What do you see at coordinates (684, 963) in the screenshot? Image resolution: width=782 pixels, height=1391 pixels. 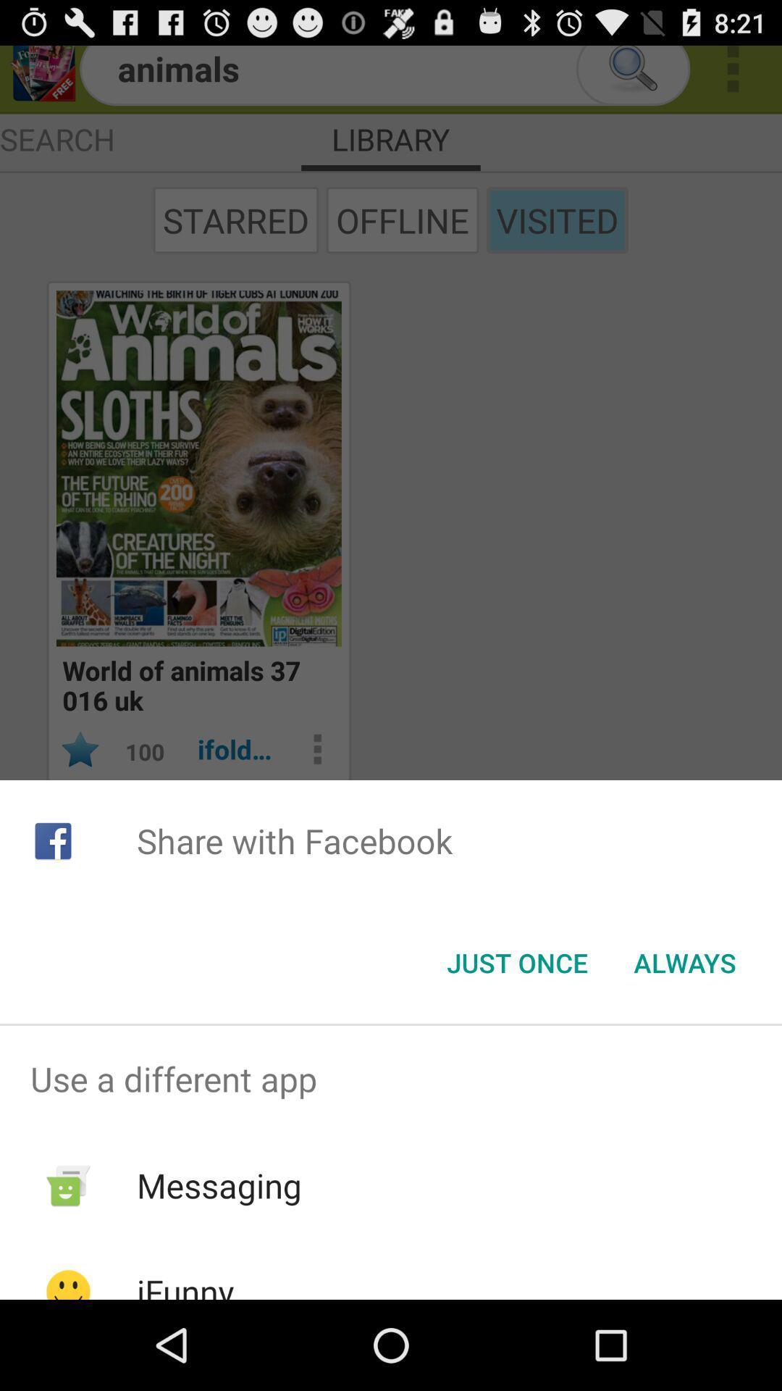 I see `the app below share with facebook` at bounding box center [684, 963].